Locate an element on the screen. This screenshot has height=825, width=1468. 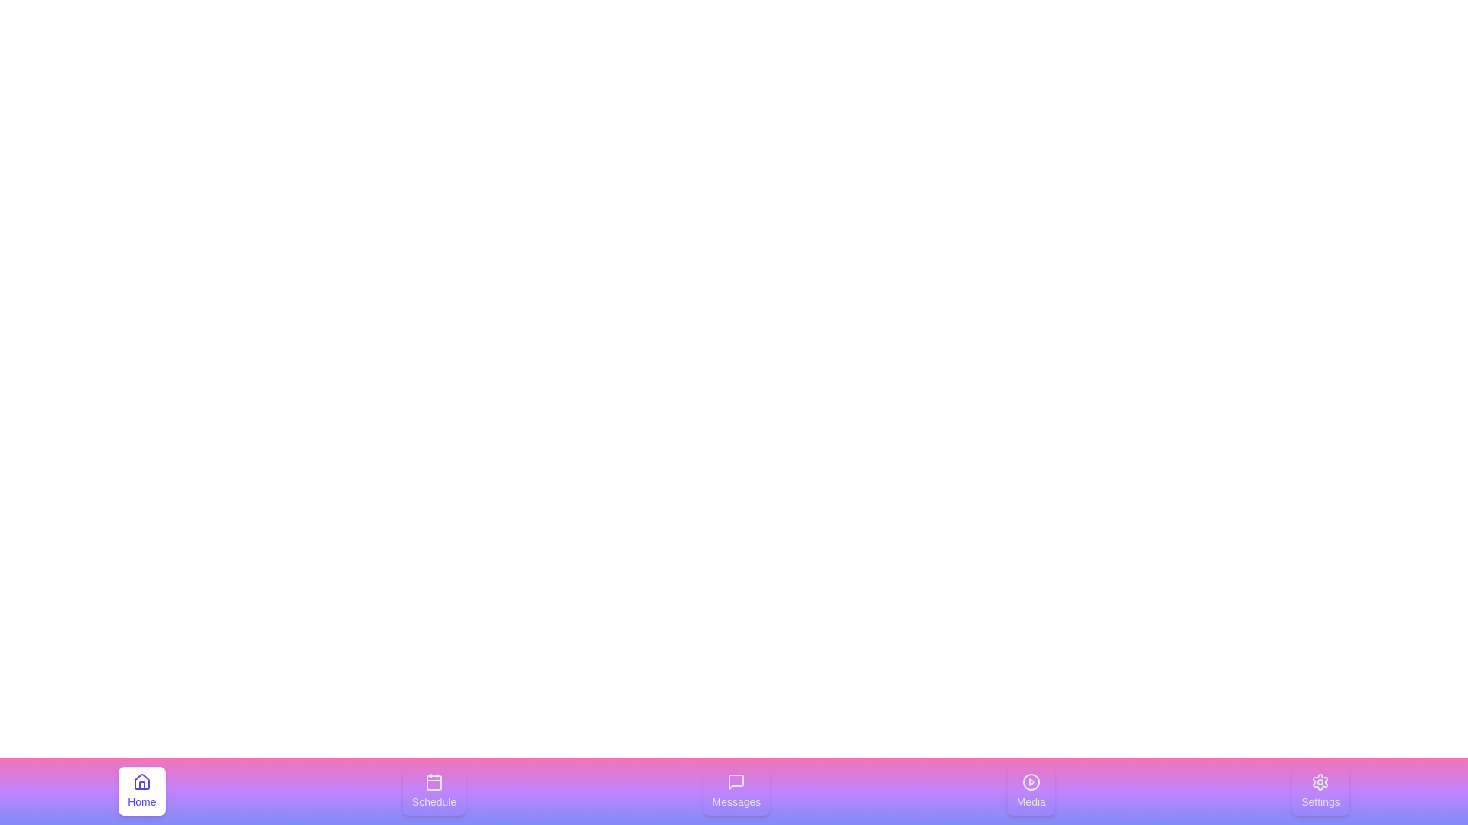
the tab labeled Settings in the EnhancedBottomNavigation component is located at coordinates (1320, 791).